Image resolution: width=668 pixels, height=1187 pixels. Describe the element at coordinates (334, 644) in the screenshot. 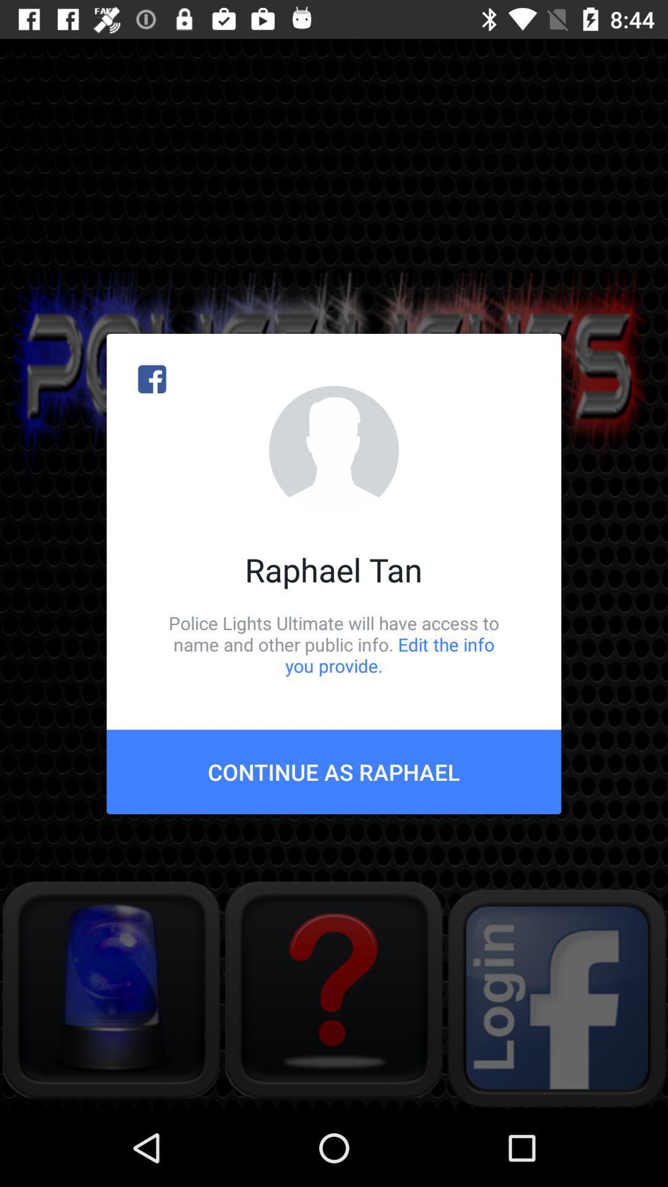

I see `the police lights ultimate` at that location.